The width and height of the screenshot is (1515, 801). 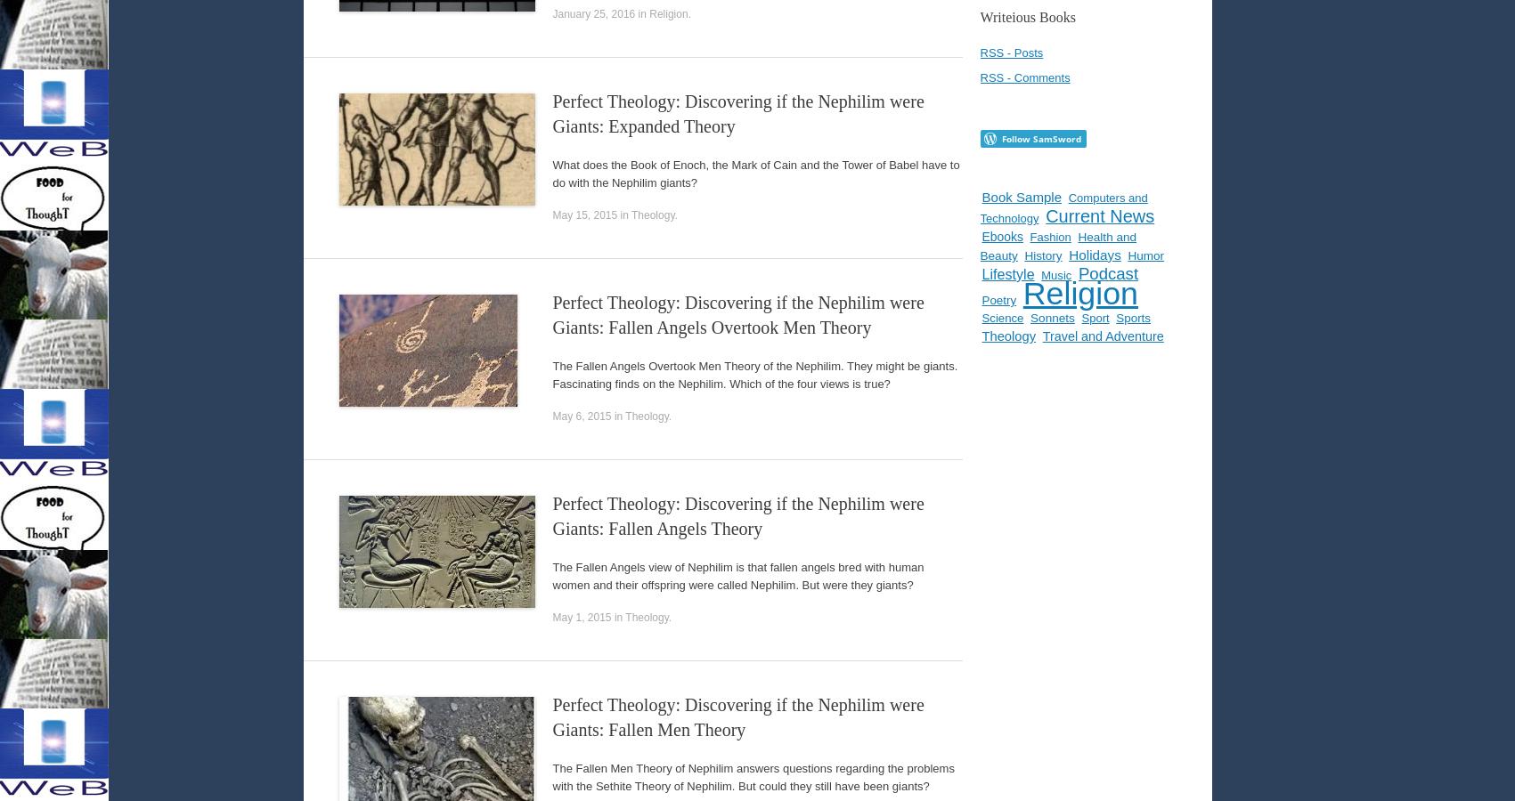 I want to click on 'Podcast', so click(x=1107, y=272).